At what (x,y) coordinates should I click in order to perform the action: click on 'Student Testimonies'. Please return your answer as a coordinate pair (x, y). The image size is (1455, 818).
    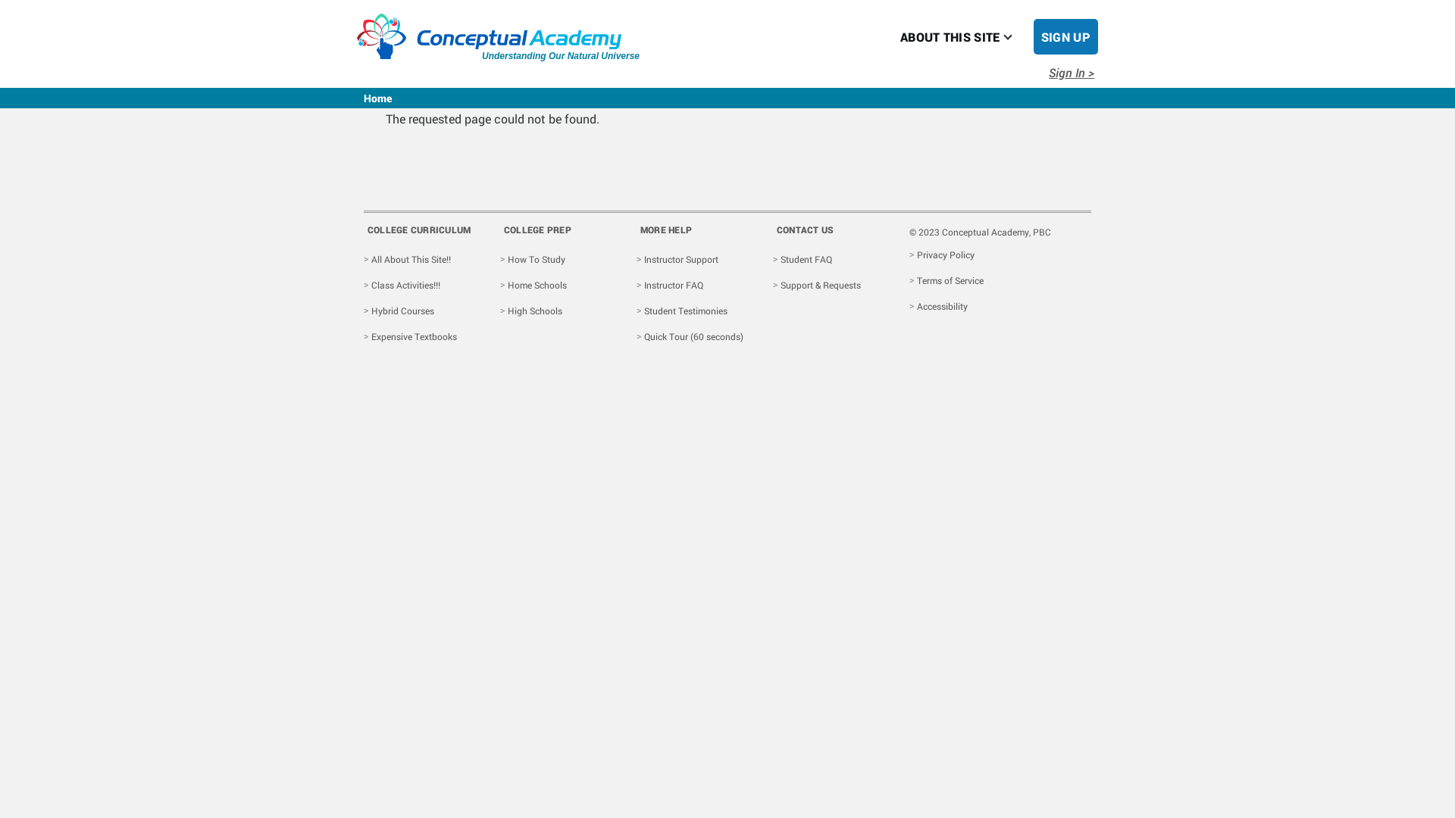
    Looking at the image, I should click on (685, 309).